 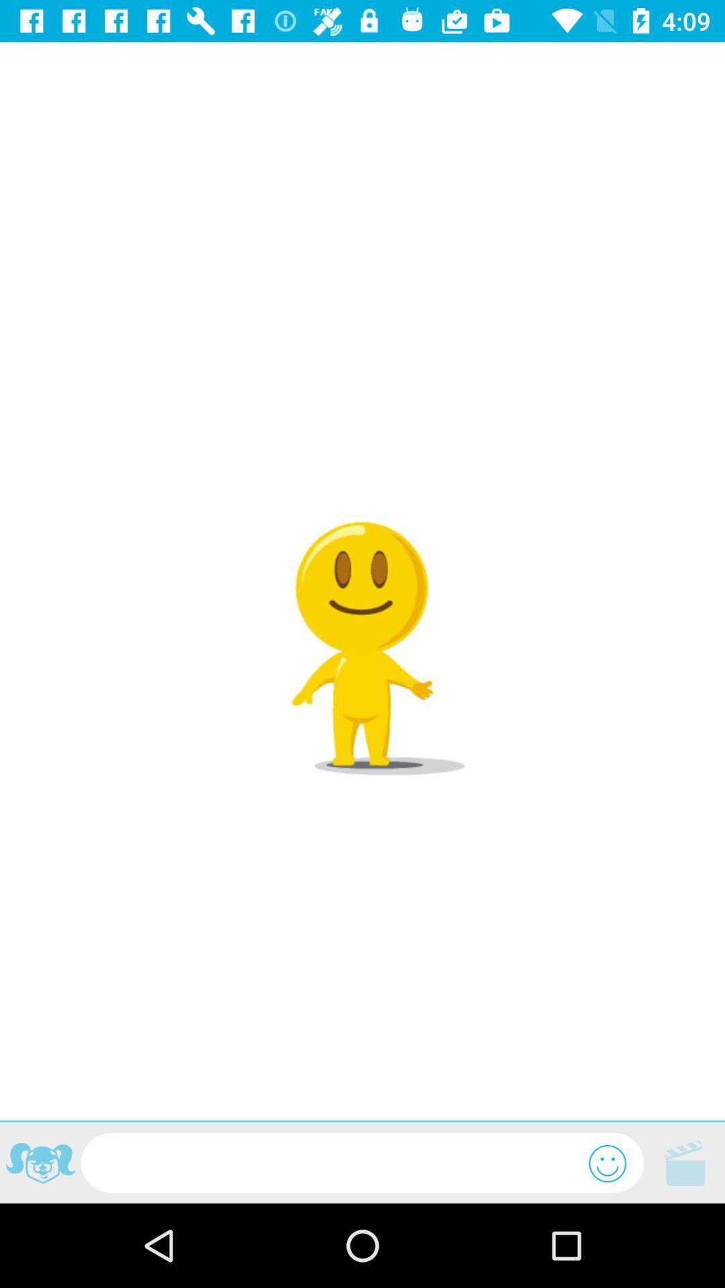 I want to click on image blink, so click(x=40, y=1165).